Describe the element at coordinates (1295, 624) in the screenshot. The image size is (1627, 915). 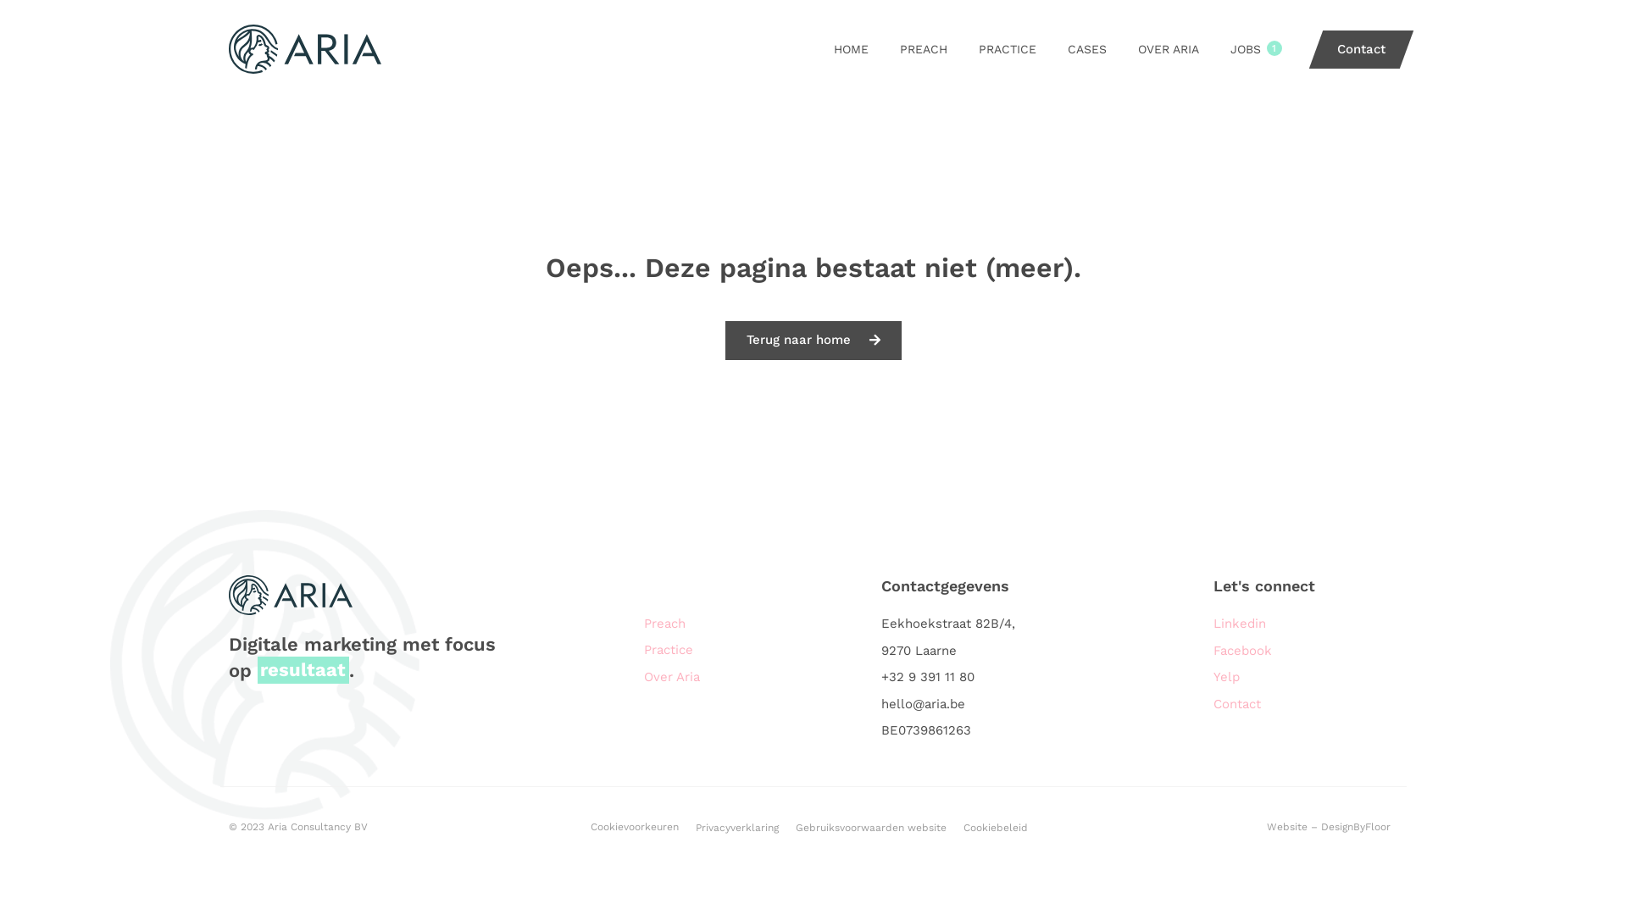
I see `'Linkedin'` at that location.